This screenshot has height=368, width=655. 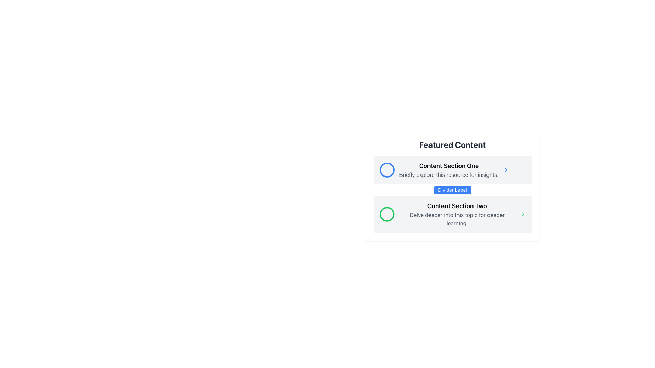 What do you see at coordinates (452, 169) in the screenshot?
I see `the Button-like Content Section that serves as a clickable item for 'Content Section One'` at bounding box center [452, 169].